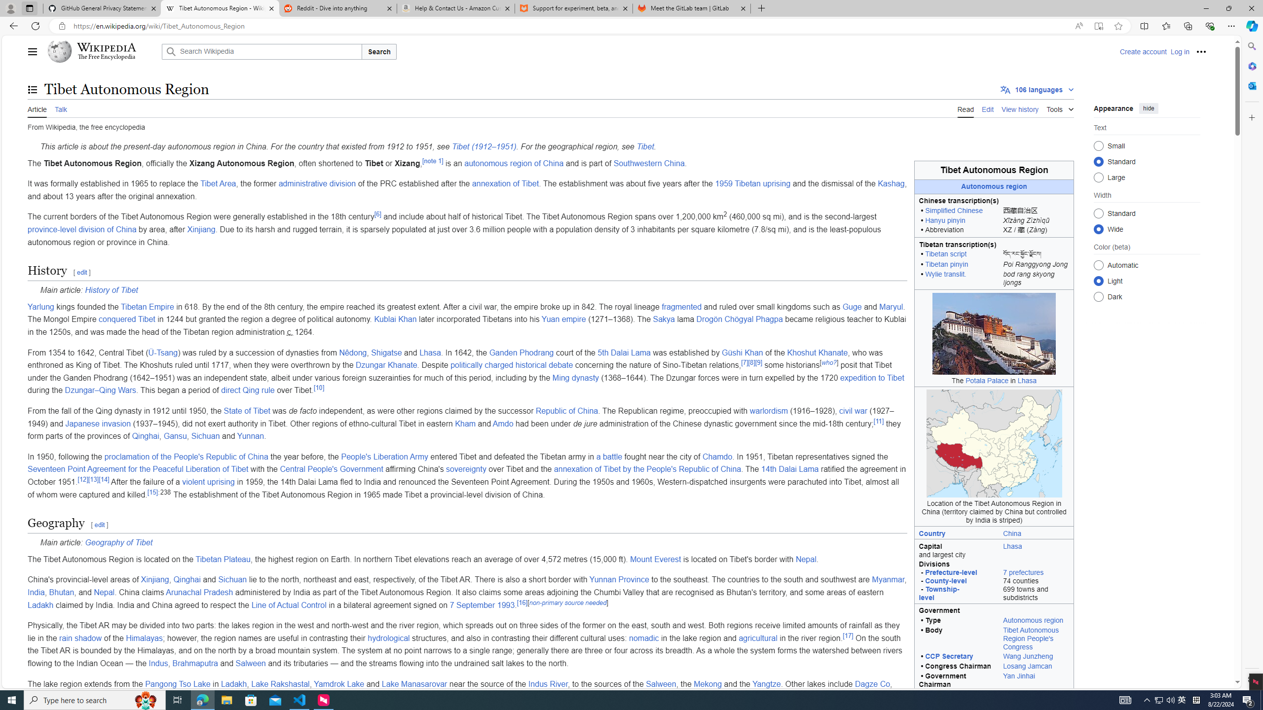 Image resolution: width=1263 pixels, height=710 pixels. Describe the element at coordinates (505, 183) in the screenshot. I see `'annexation of Tibet'` at that location.